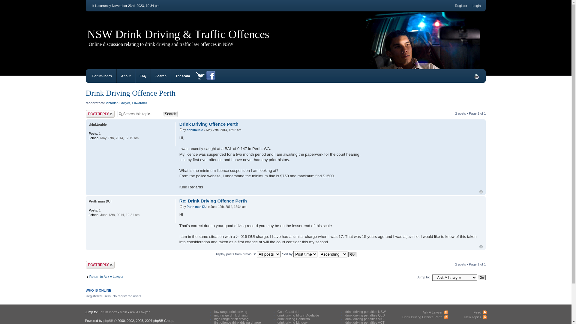 This screenshot has width=576, height=324. Describe the element at coordinates (100, 264) in the screenshot. I see `'Post a reply'` at that location.